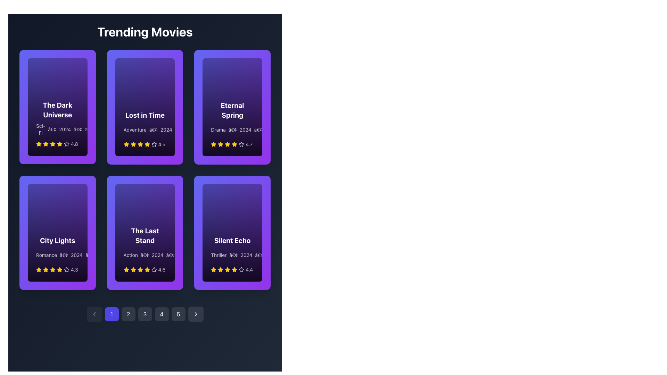  Describe the element at coordinates (38, 269) in the screenshot. I see `the first star icon in the rating system for the movie 'City Lights', which is styled in yellow and indicates a rating of 4.3` at that location.